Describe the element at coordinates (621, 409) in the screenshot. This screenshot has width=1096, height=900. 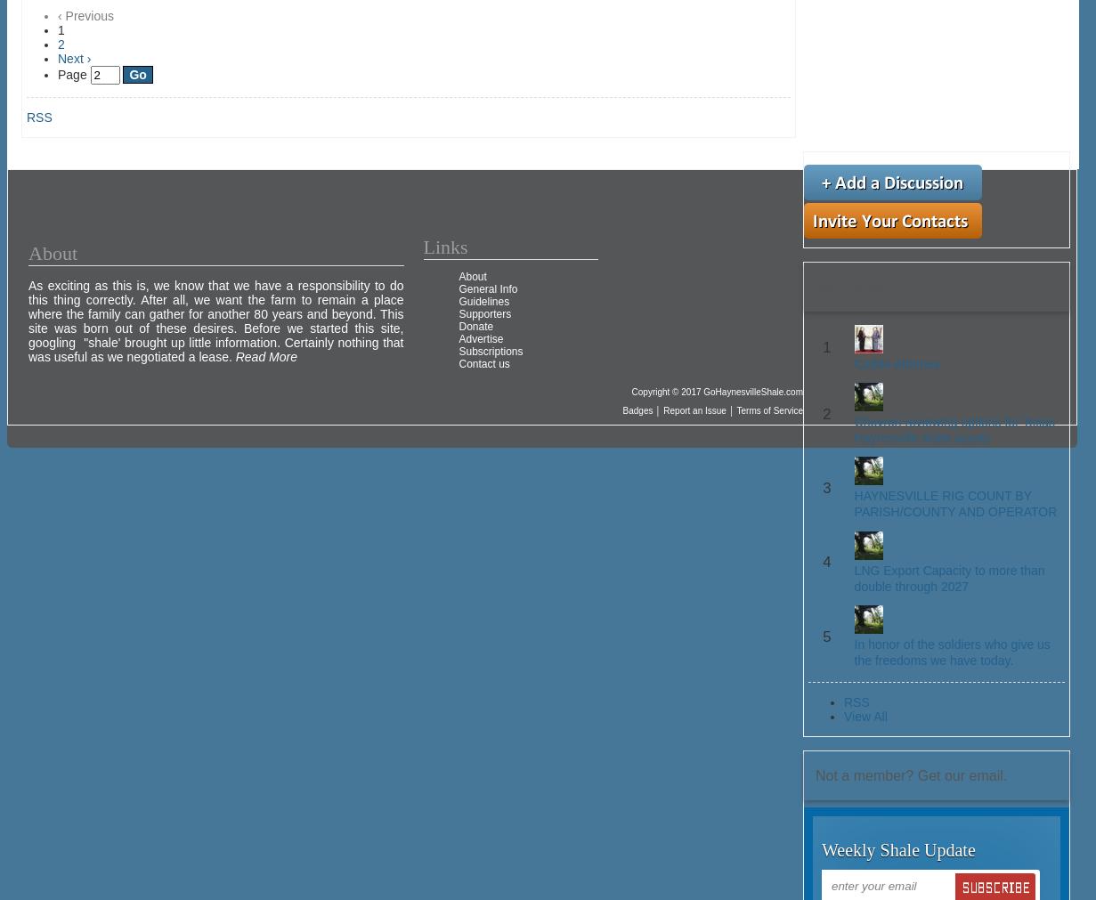
I see `'Badges'` at that location.